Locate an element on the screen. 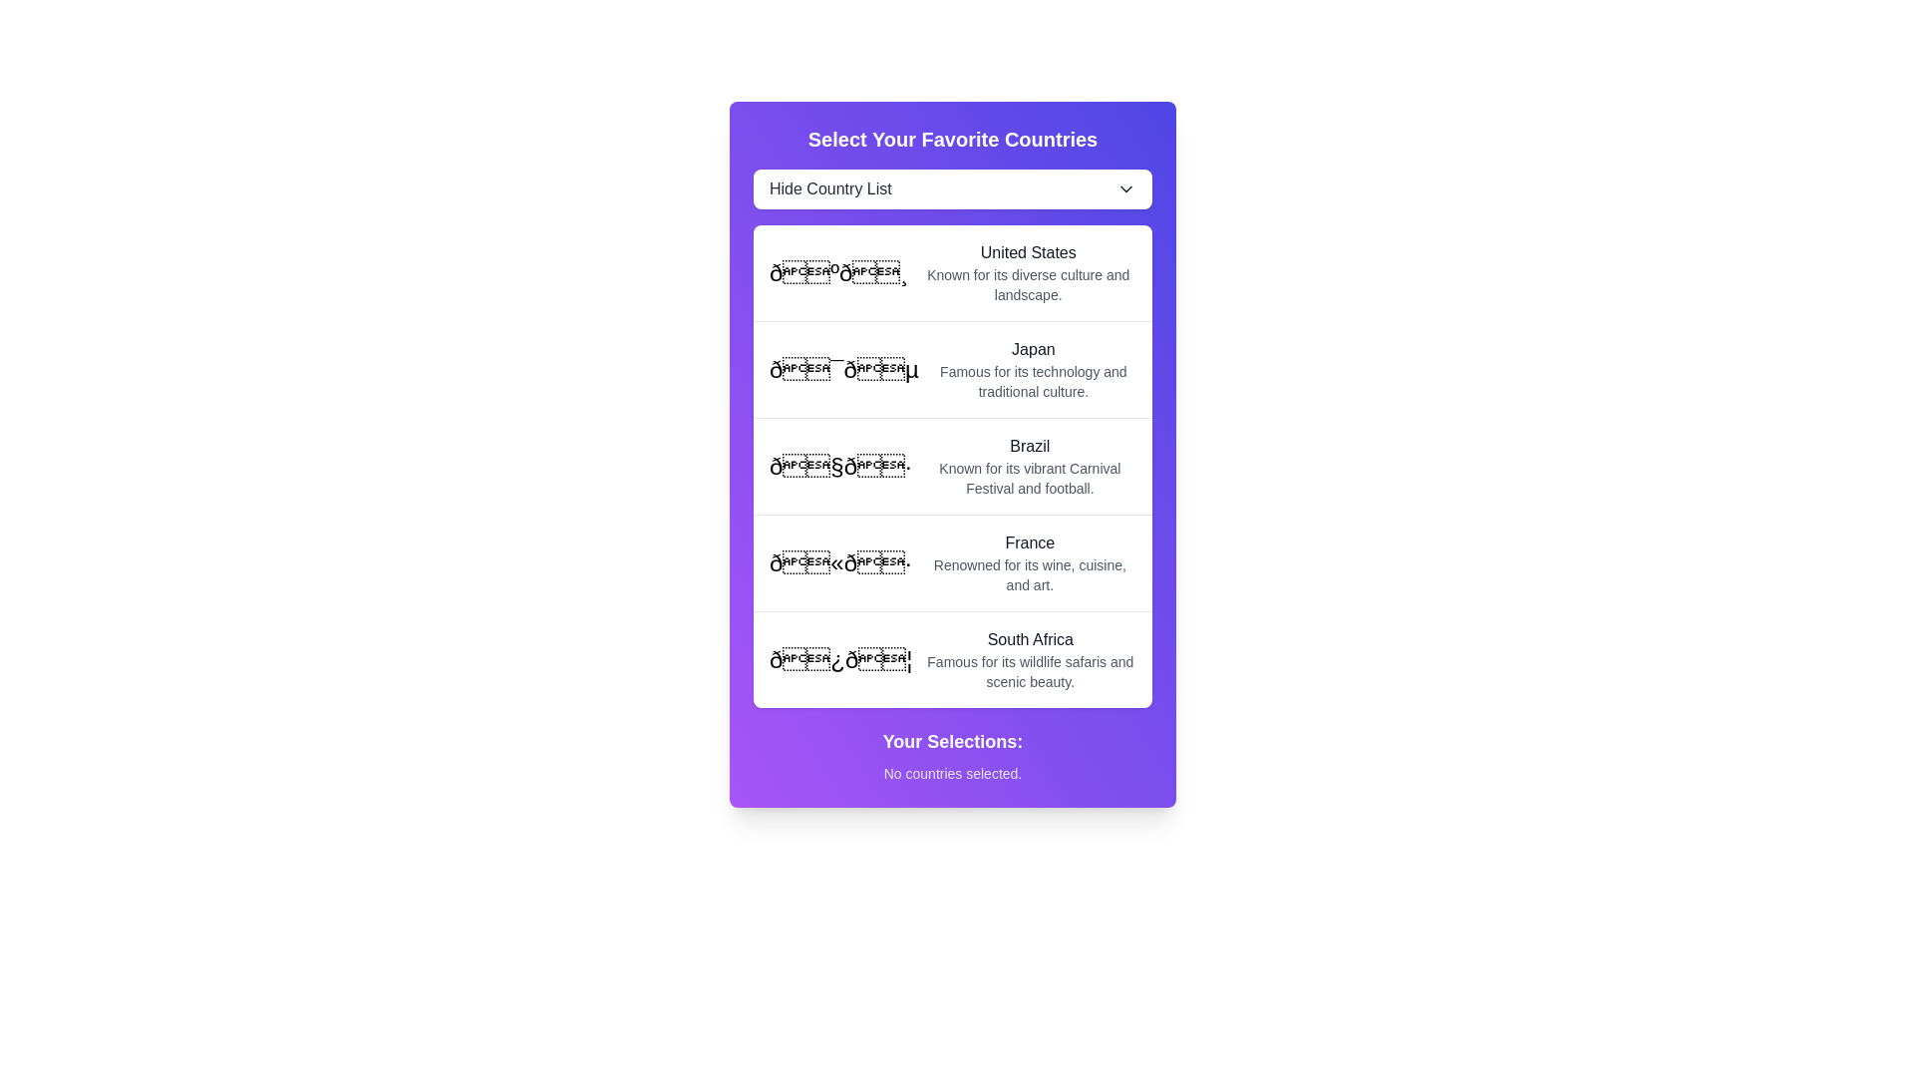 The width and height of the screenshot is (1914, 1077). the fourth list item that provides an overview of France in the country selection list is located at coordinates (951, 562).